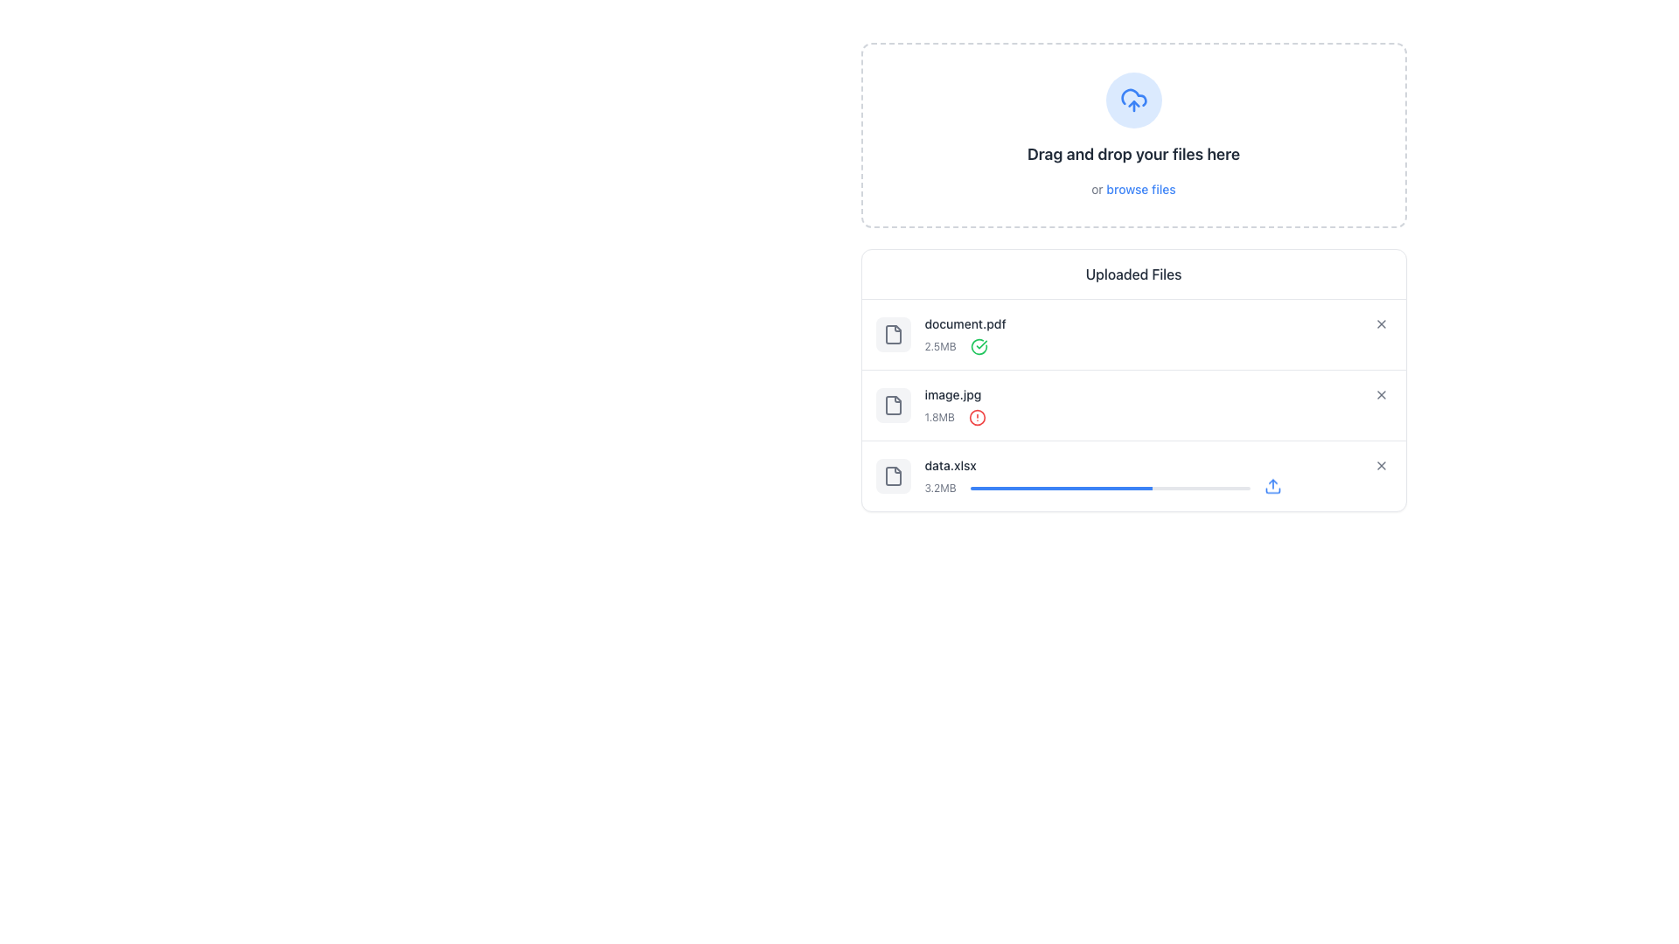 The height and width of the screenshot is (944, 1679). What do you see at coordinates (1272, 485) in the screenshot?
I see `the upward arrow upload icon, which is styled with a blue stroke color and is located at the far right of the row containing the file named 'data.xlsx', next to the progress bar` at bounding box center [1272, 485].